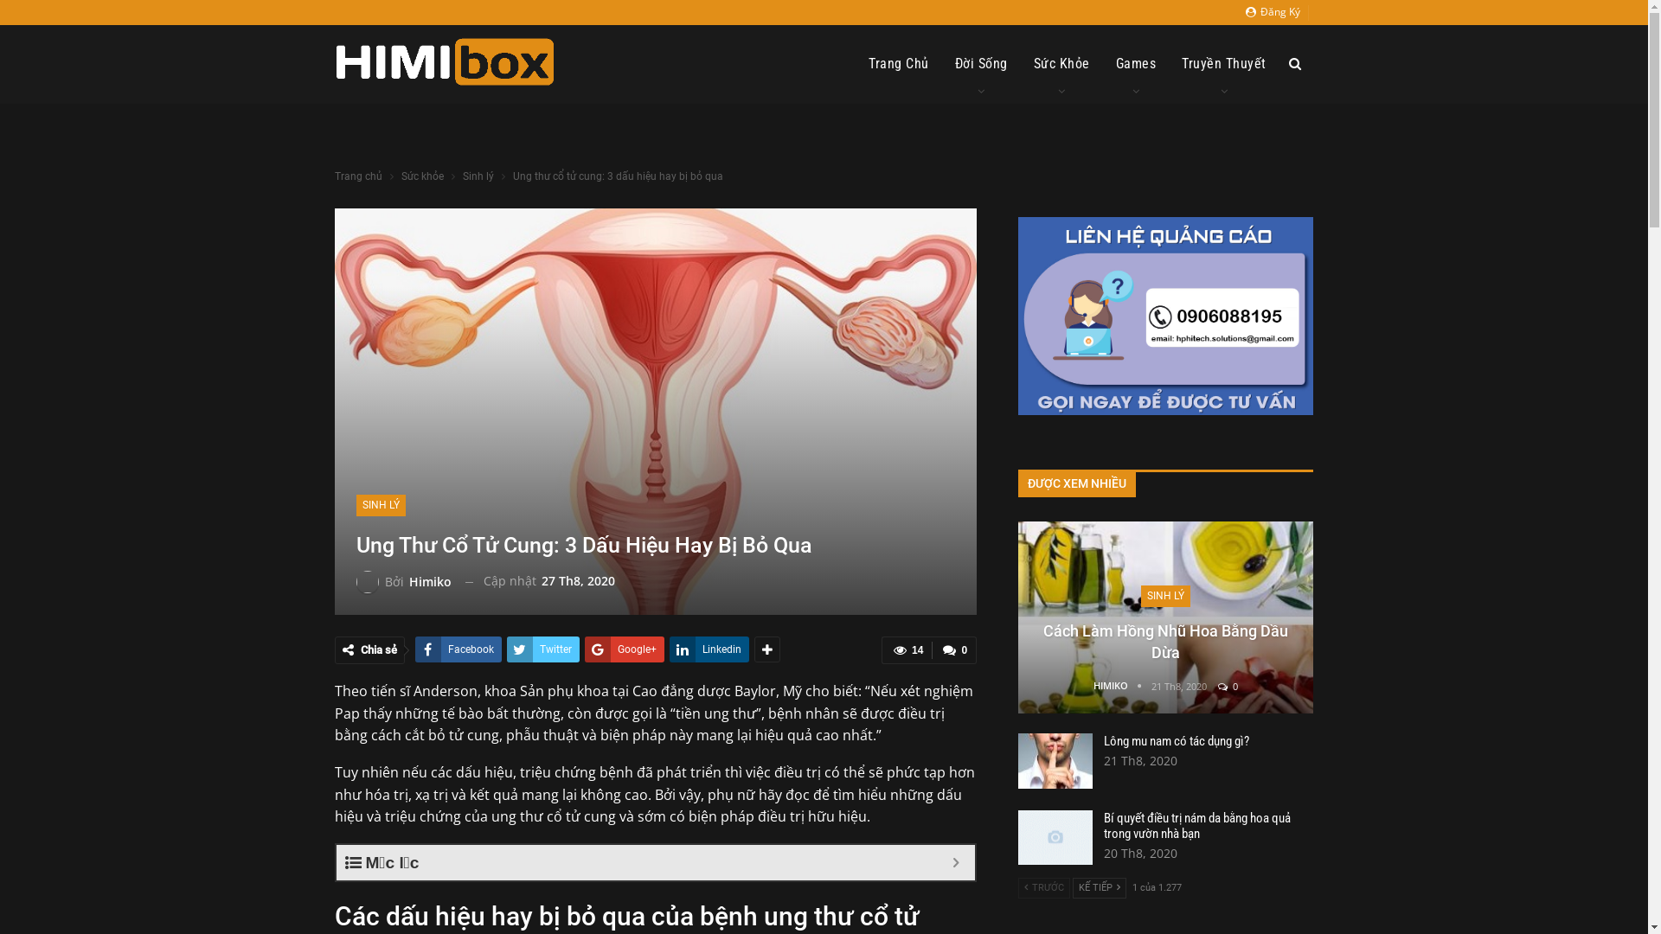 The image size is (1661, 934). I want to click on 'HIMIKO', so click(1122, 684).